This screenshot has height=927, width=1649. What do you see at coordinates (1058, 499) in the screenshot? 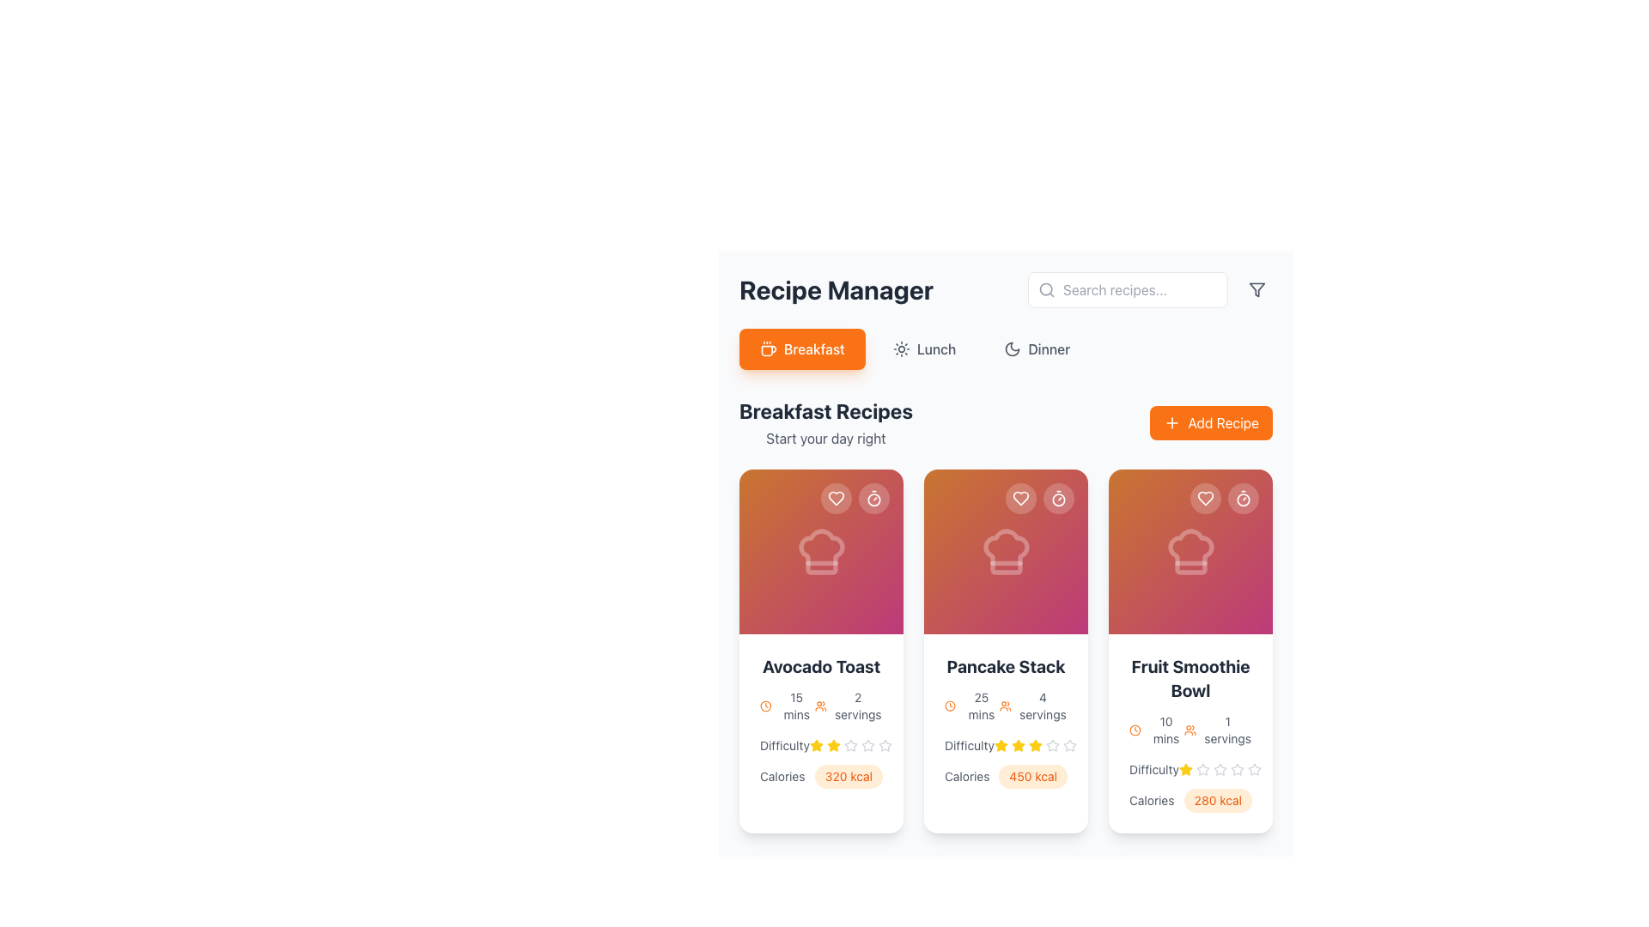
I see `the timer icon within the circular button located at the top-right corner of the 'Pancake Stack' recipe card in the 'Breakfast Recipes' section` at bounding box center [1058, 499].